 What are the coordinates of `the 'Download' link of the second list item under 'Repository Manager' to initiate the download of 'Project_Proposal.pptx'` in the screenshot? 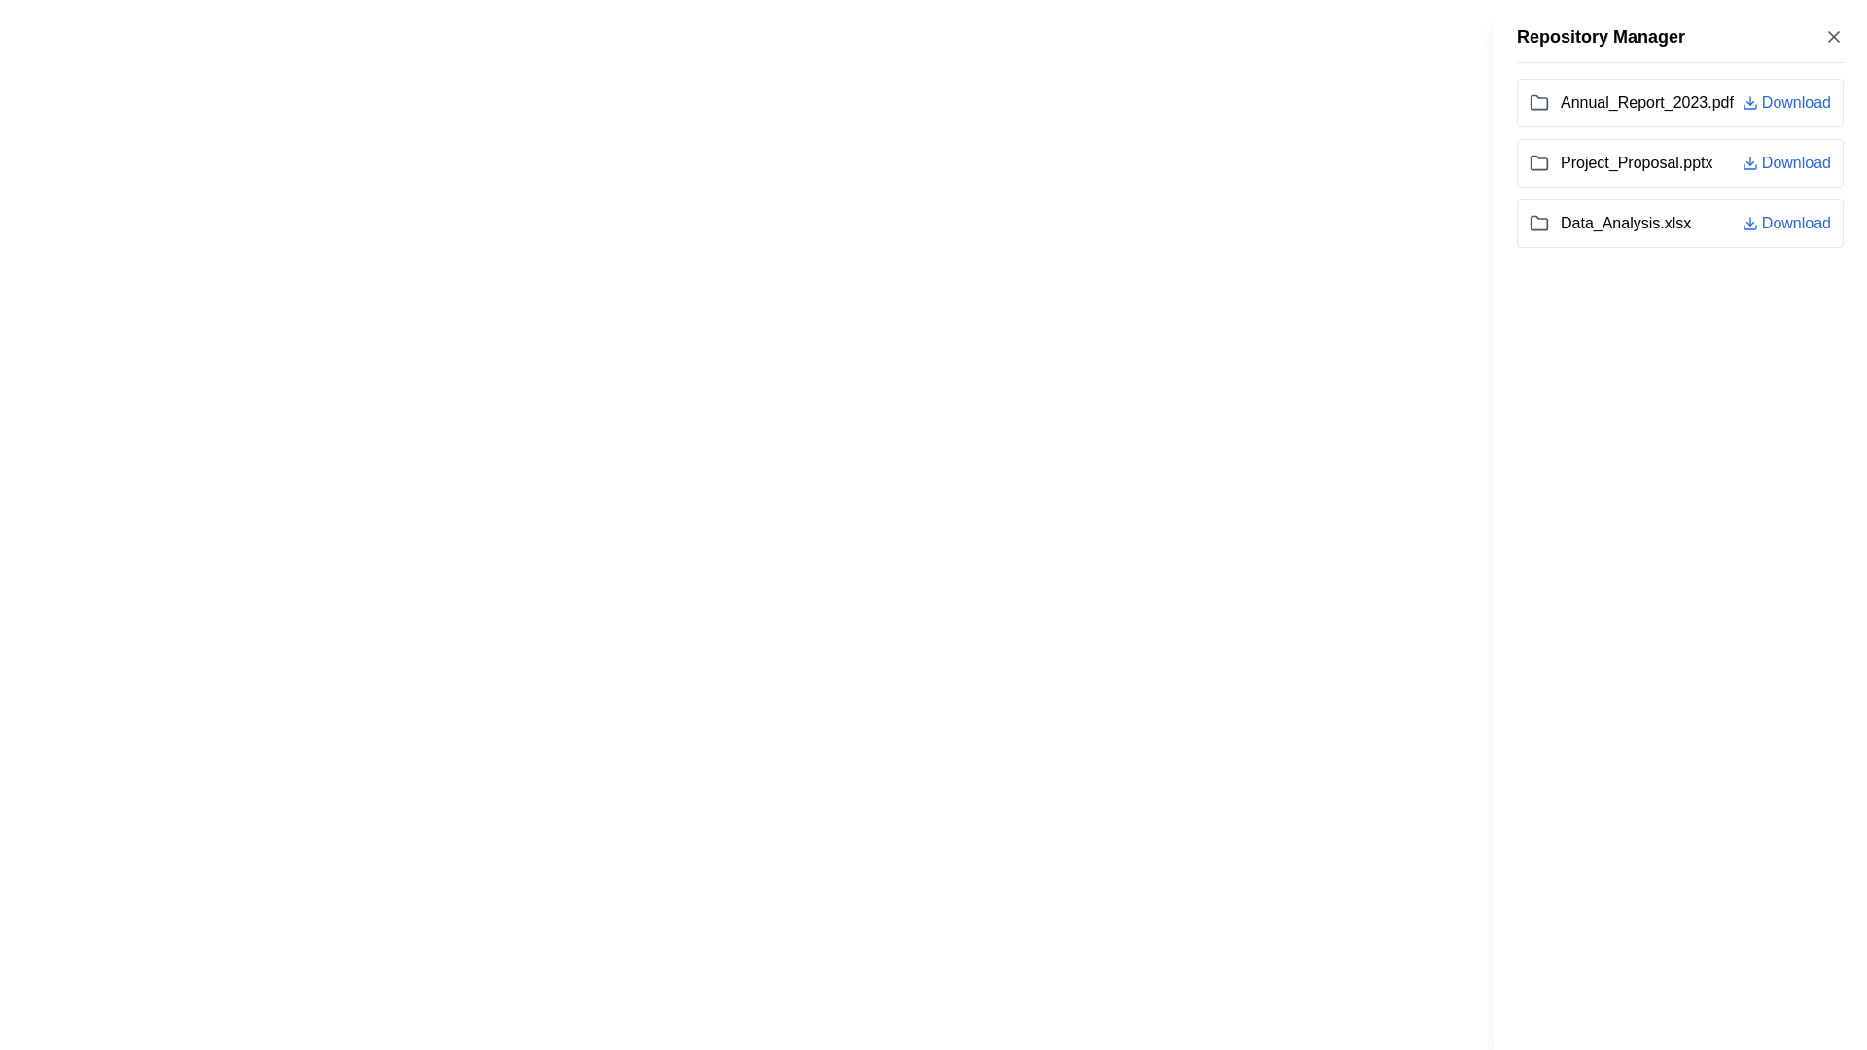 It's located at (1679, 162).